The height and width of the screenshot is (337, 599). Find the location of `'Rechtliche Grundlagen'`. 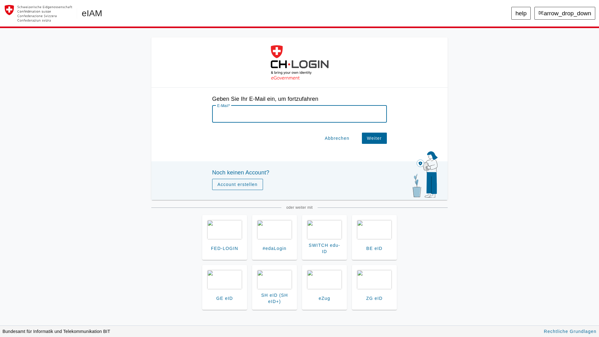

'Rechtliche Grundlagen' is located at coordinates (565, 330).